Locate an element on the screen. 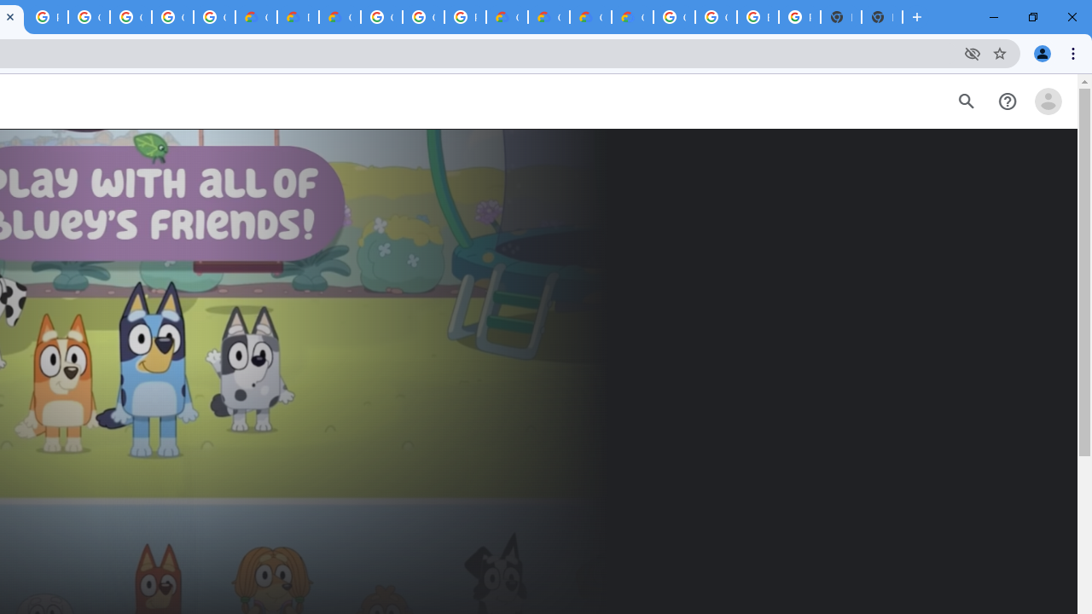  'Google Cloud Service Health' is located at coordinates (631, 17).